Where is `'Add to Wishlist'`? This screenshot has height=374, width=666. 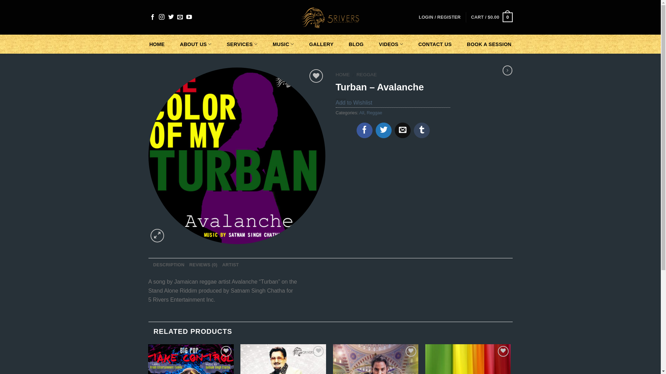 'Add to Wishlist' is located at coordinates (354, 103).